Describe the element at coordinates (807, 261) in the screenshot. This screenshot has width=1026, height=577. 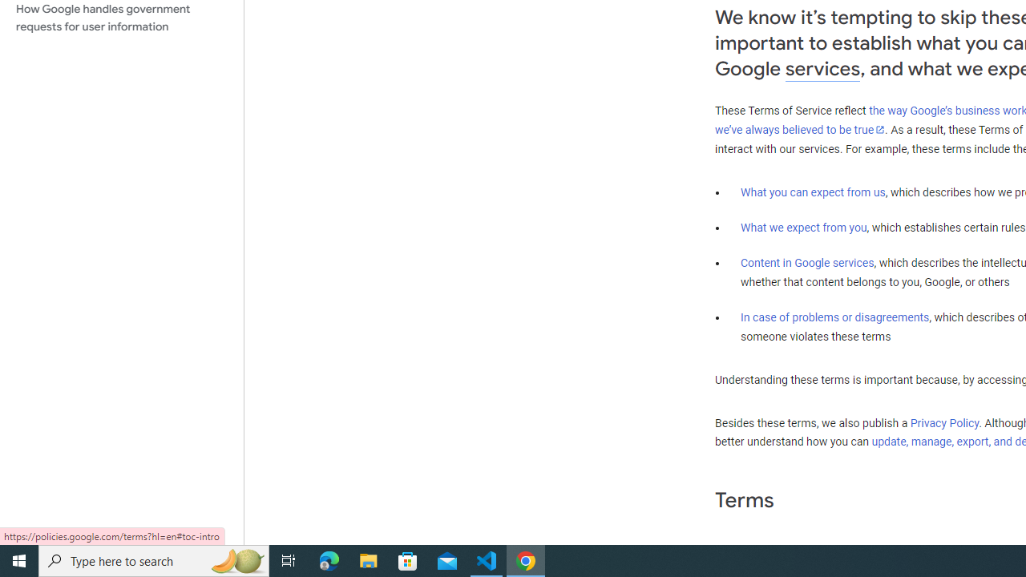
I see `'Content in Google services'` at that location.